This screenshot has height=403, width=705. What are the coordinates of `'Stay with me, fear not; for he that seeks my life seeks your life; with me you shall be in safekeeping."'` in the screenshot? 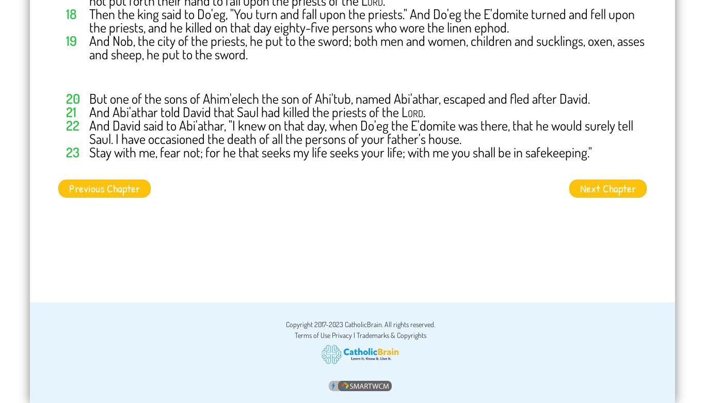 It's located at (340, 152).